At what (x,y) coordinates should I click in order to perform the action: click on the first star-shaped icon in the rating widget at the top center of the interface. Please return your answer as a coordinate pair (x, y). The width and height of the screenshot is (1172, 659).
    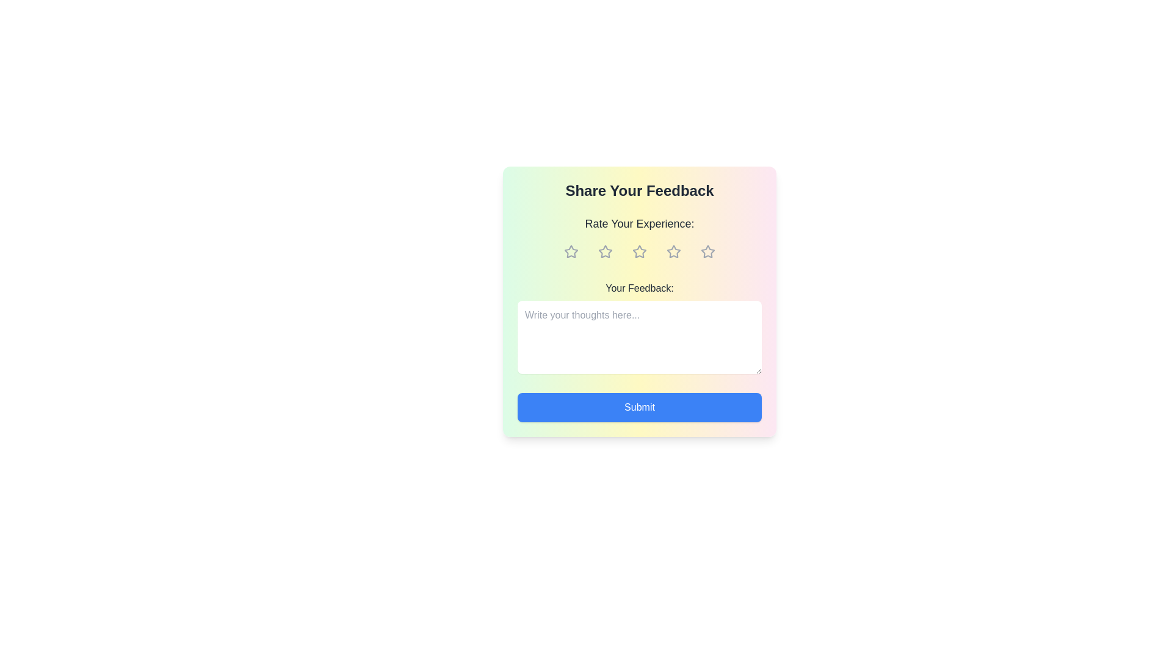
    Looking at the image, I should click on (571, 251).